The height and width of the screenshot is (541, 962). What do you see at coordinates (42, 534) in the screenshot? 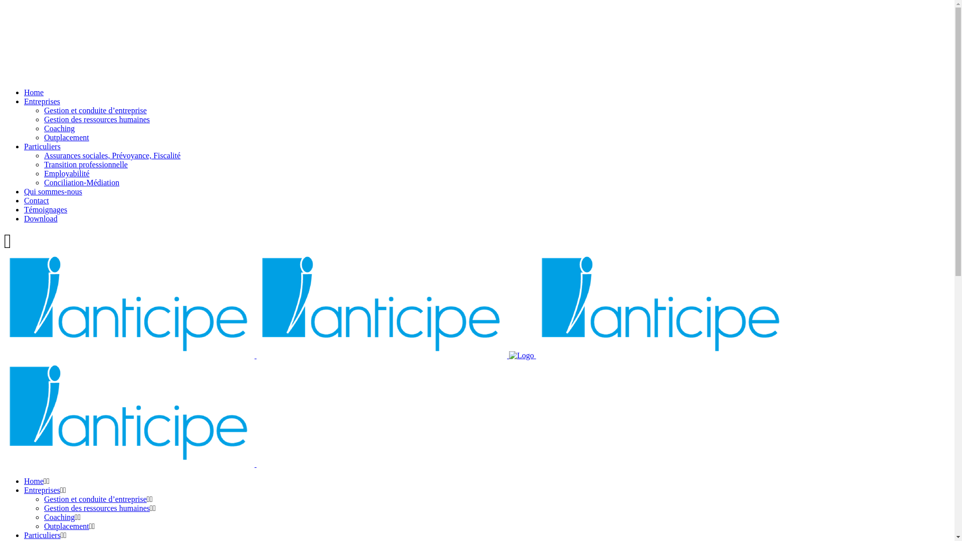
I see `'Particuliers'` at bounding box center [42, 534].